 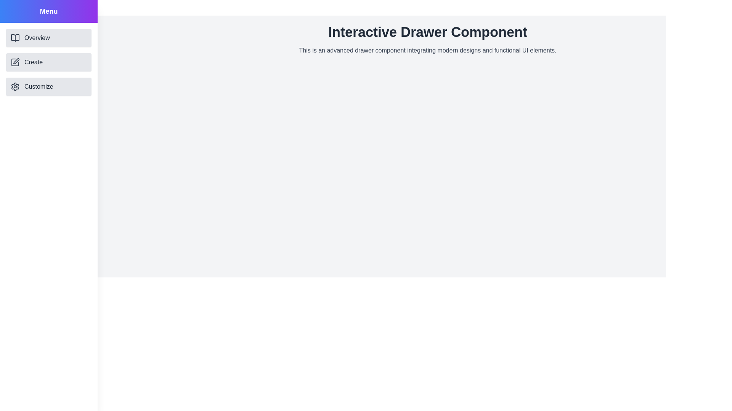 What do you see at coordinates (48, 38) in the screenshot?
I see `the menu item Overview from the drawer` at bounding box center [48, 38].